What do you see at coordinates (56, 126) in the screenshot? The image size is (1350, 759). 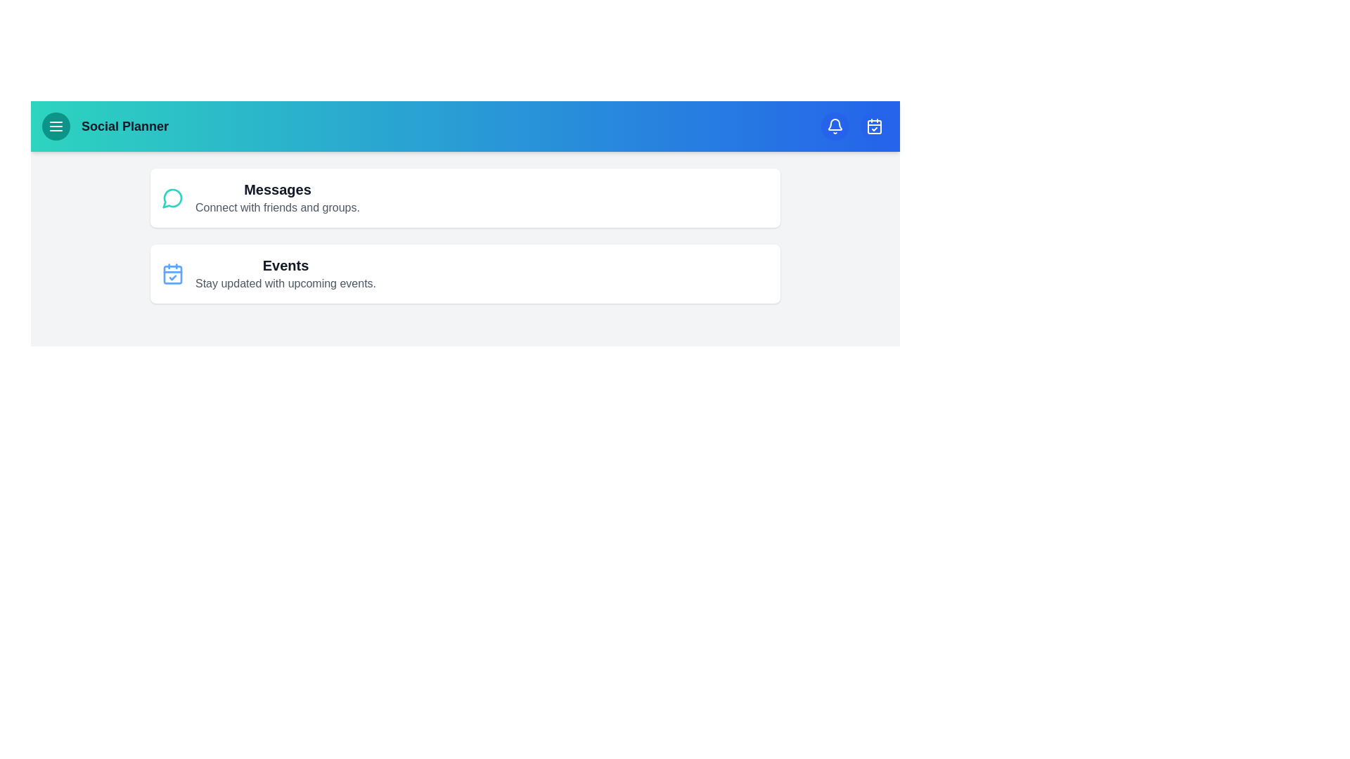 I see `the menu button to open the menu` at bounding box center [56, 126].